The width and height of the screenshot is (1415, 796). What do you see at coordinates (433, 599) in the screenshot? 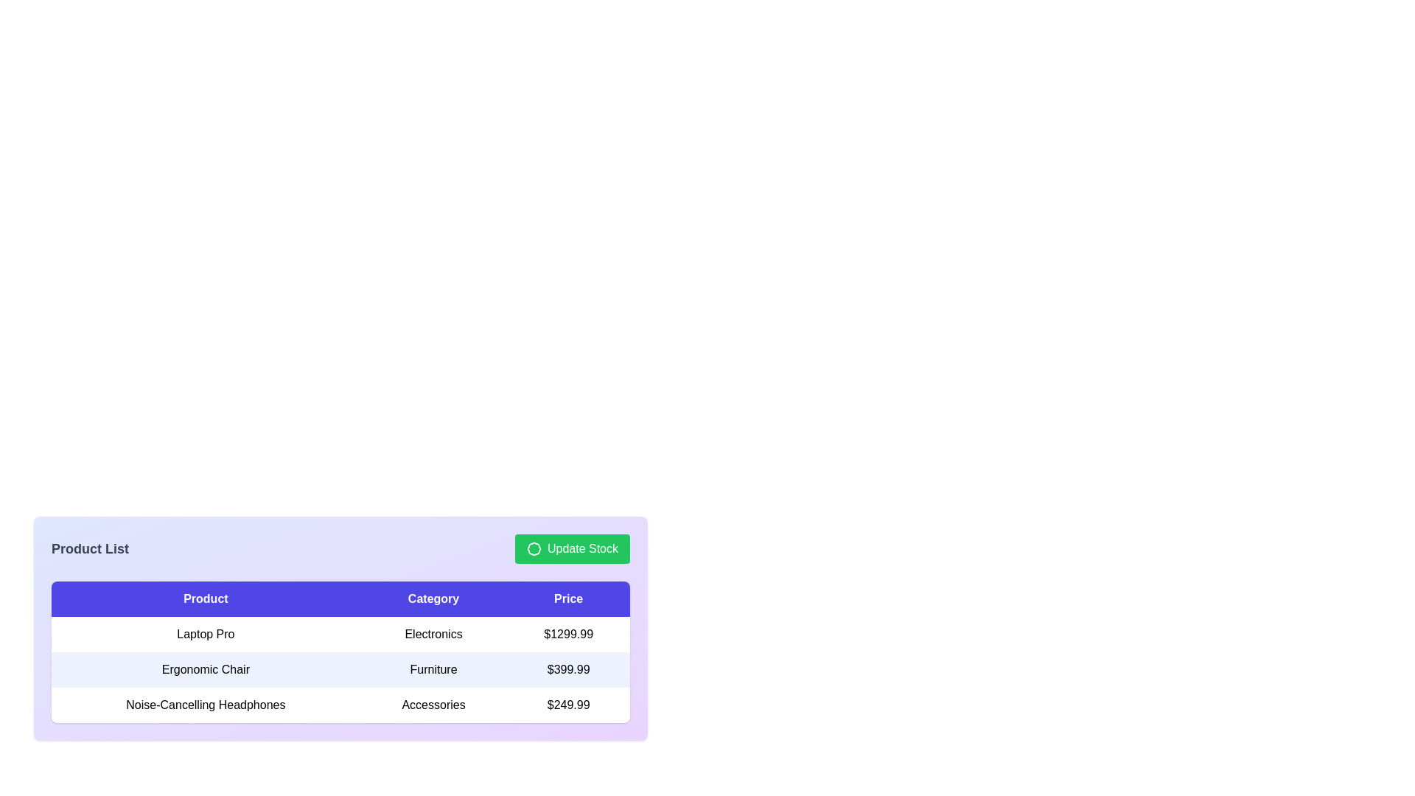
I see `the 'Category' header label in the table, which is the second element in a purple bar at the top, following the 'Product' label and preceding the 'Price' label` at bounding box center [433, 599].